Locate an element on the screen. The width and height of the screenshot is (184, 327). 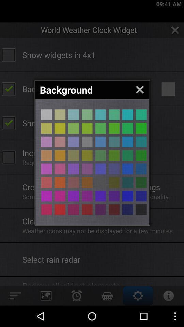
background color is located at coordinates (46, 141).